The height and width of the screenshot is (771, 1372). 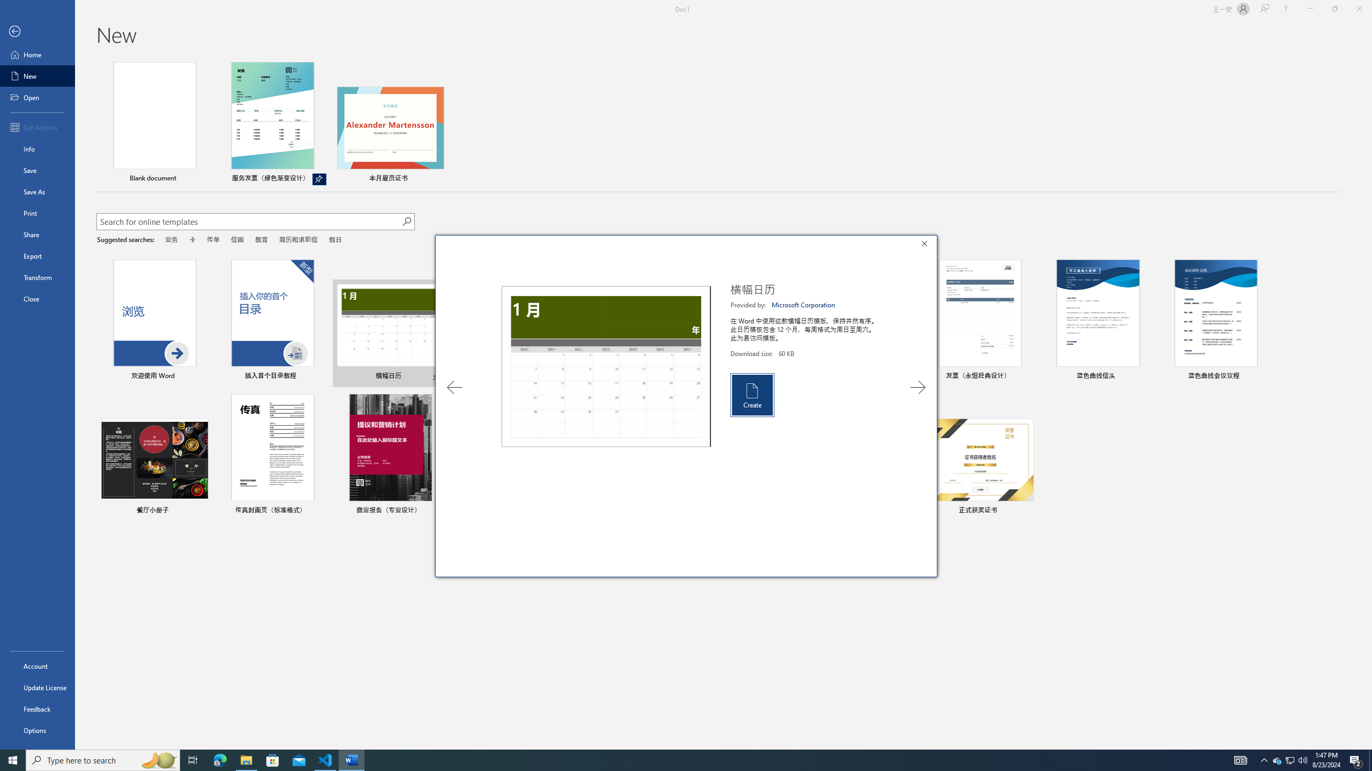 I want to click on 'Microsoft Store', so click(x=273, y=759).